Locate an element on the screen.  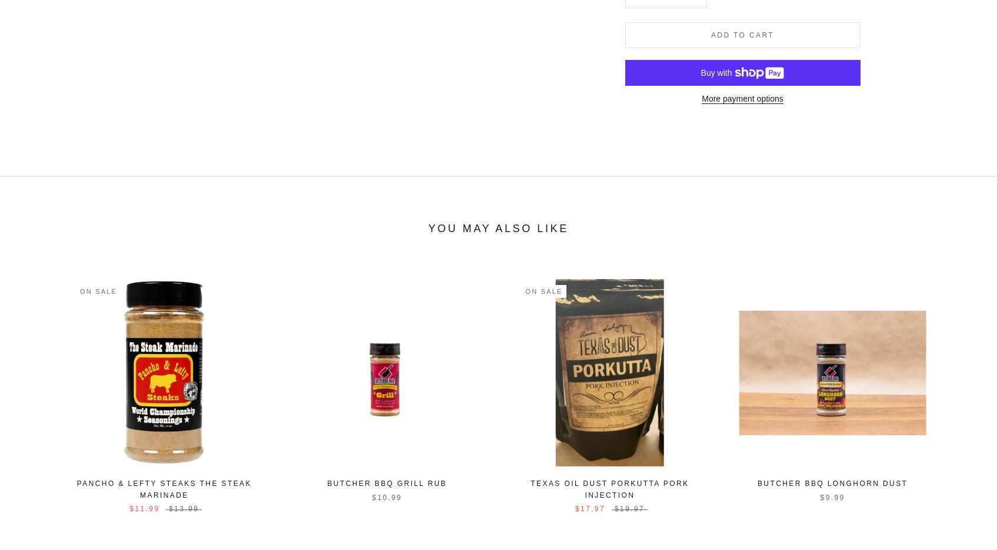
'Add to cart' is located at coordinates (741, 35).